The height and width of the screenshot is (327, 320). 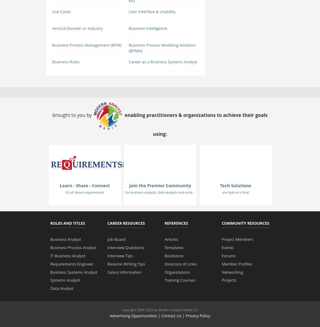 What do you see at coordinates (171, 239) in the screenshot?
I see `'Articles'` at bounding box center [171, 239].